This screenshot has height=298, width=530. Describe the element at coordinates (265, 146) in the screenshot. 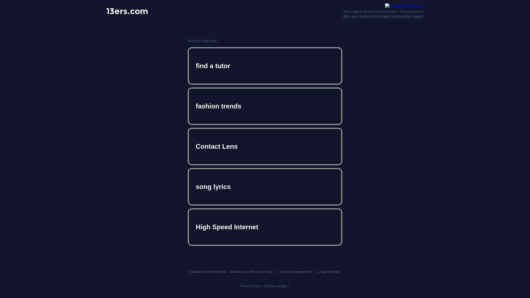

I see `'Contact Lens'` at that location.